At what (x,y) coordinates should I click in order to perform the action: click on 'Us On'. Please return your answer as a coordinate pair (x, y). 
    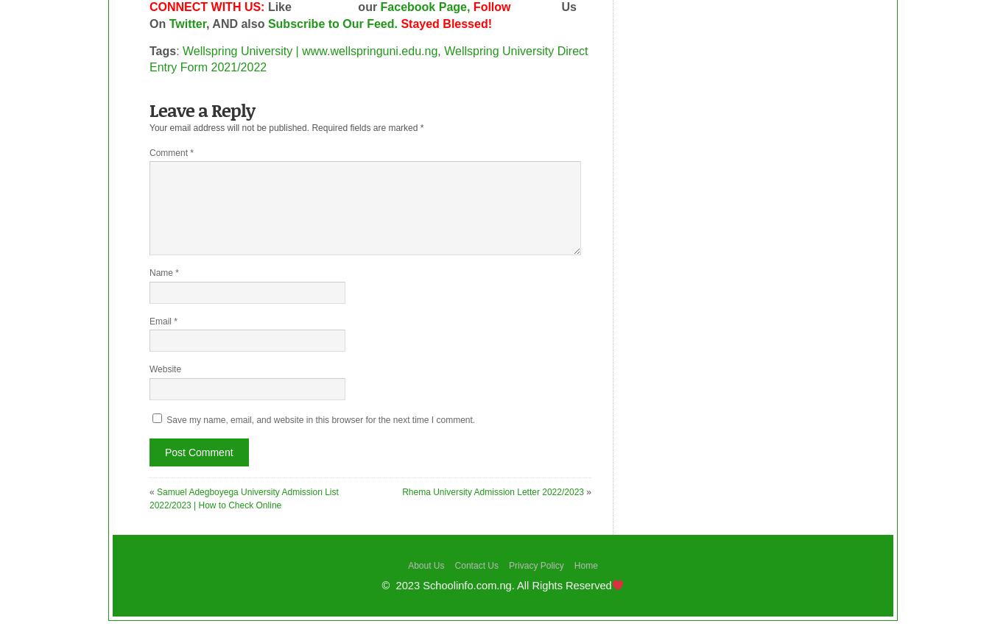
    Looking at the image, I should click on (362, 14).